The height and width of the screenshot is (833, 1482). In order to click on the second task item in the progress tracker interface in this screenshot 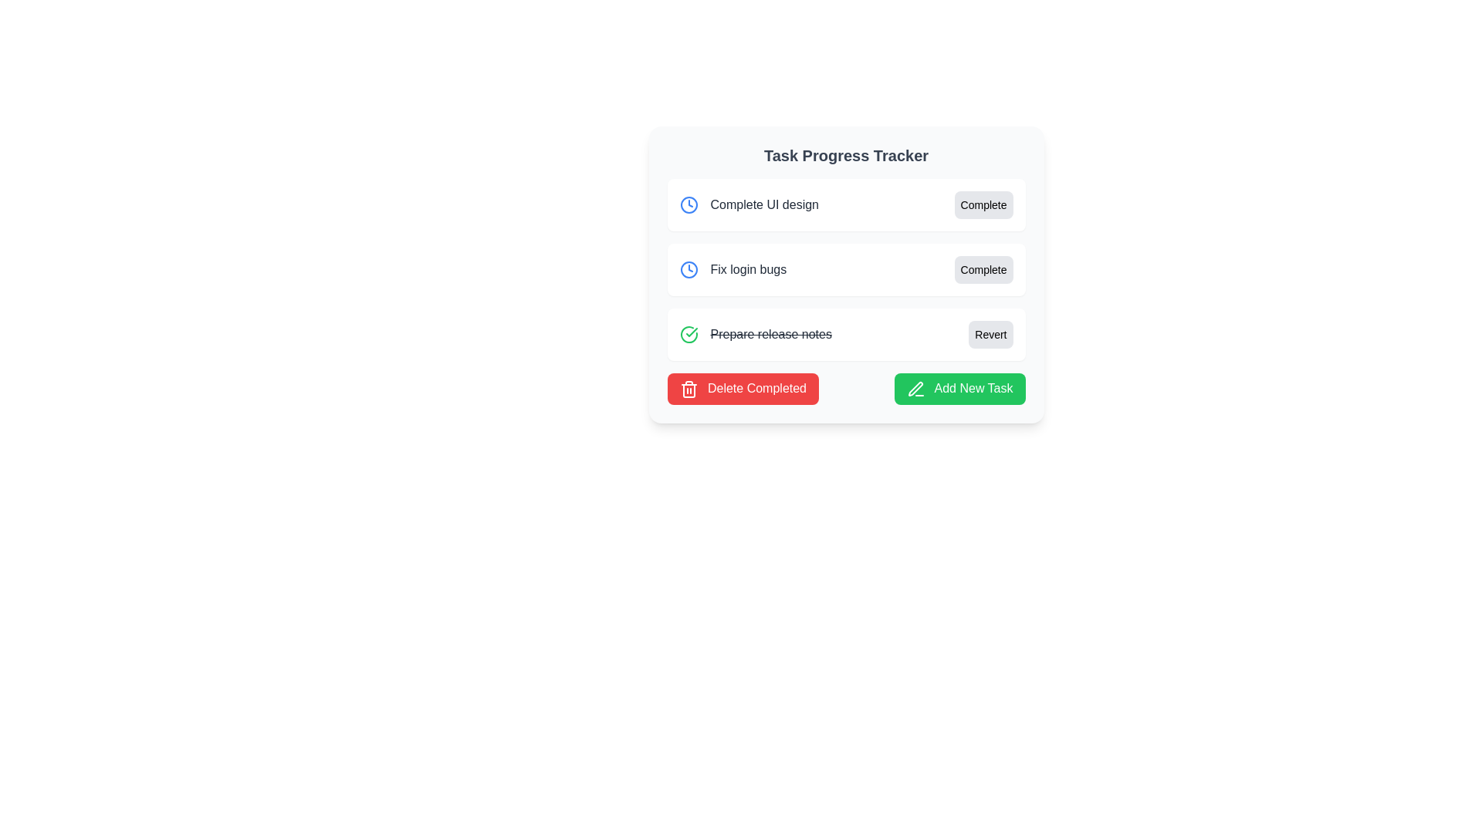, I will do `click(845, 274)`.